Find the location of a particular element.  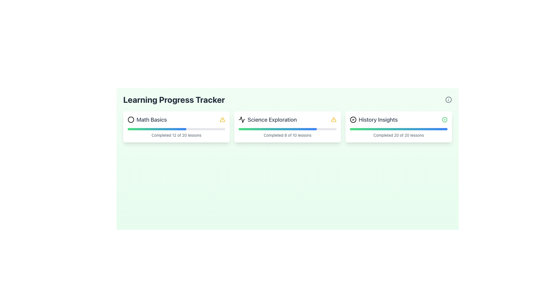

the circular checkmark icon located in the header of the 'History Insights' card under 'Learning Progress Tracker' is located at coordinates (353, 119).